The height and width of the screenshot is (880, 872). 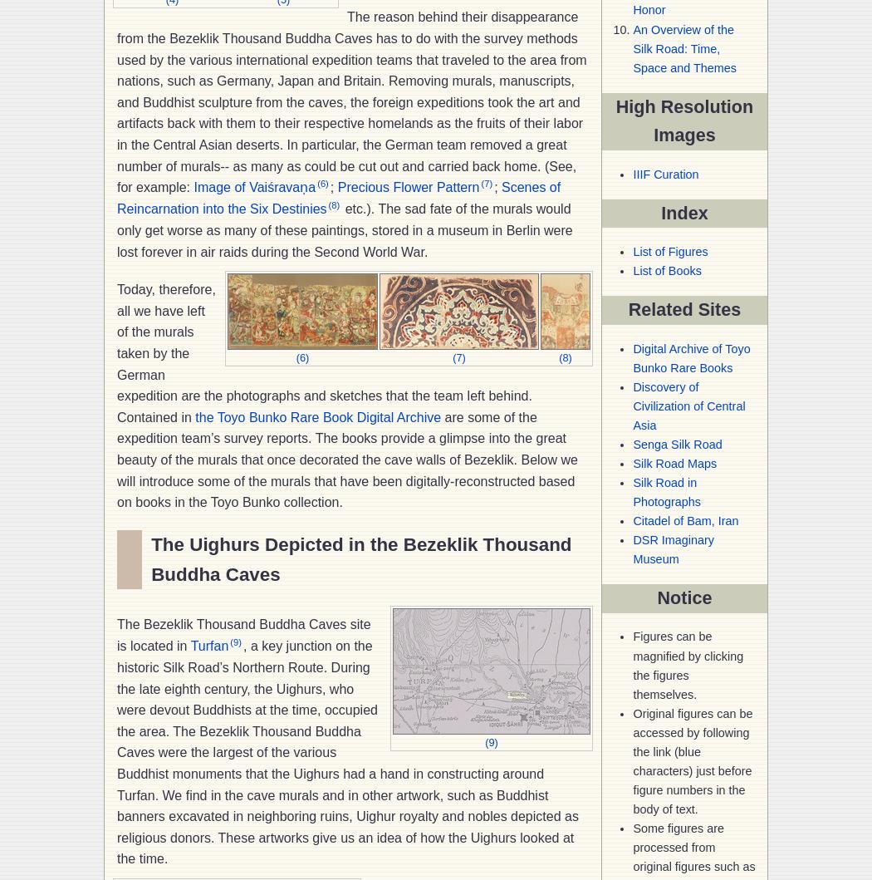 I want to click on 'IIIF Curation', so click(x=664, y=173).